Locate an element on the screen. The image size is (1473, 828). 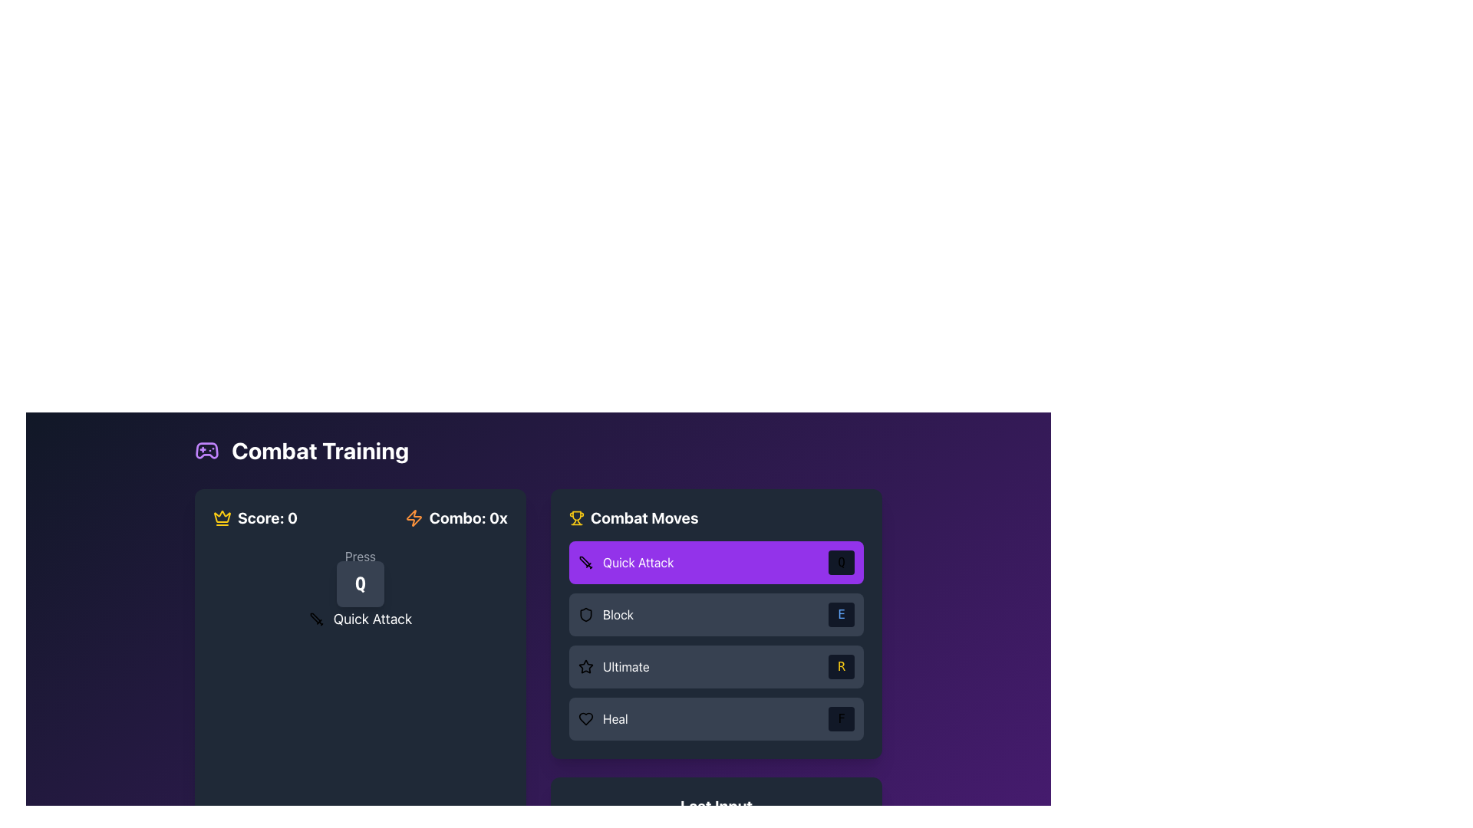
the 'Ultimate' text label in the Combat Moves section, which is the third item in the vertical list, positioned between 'Block' and 'Heal', with a star icon on the left and 'R' keybinding on the right is located at coordinates (626, 666).